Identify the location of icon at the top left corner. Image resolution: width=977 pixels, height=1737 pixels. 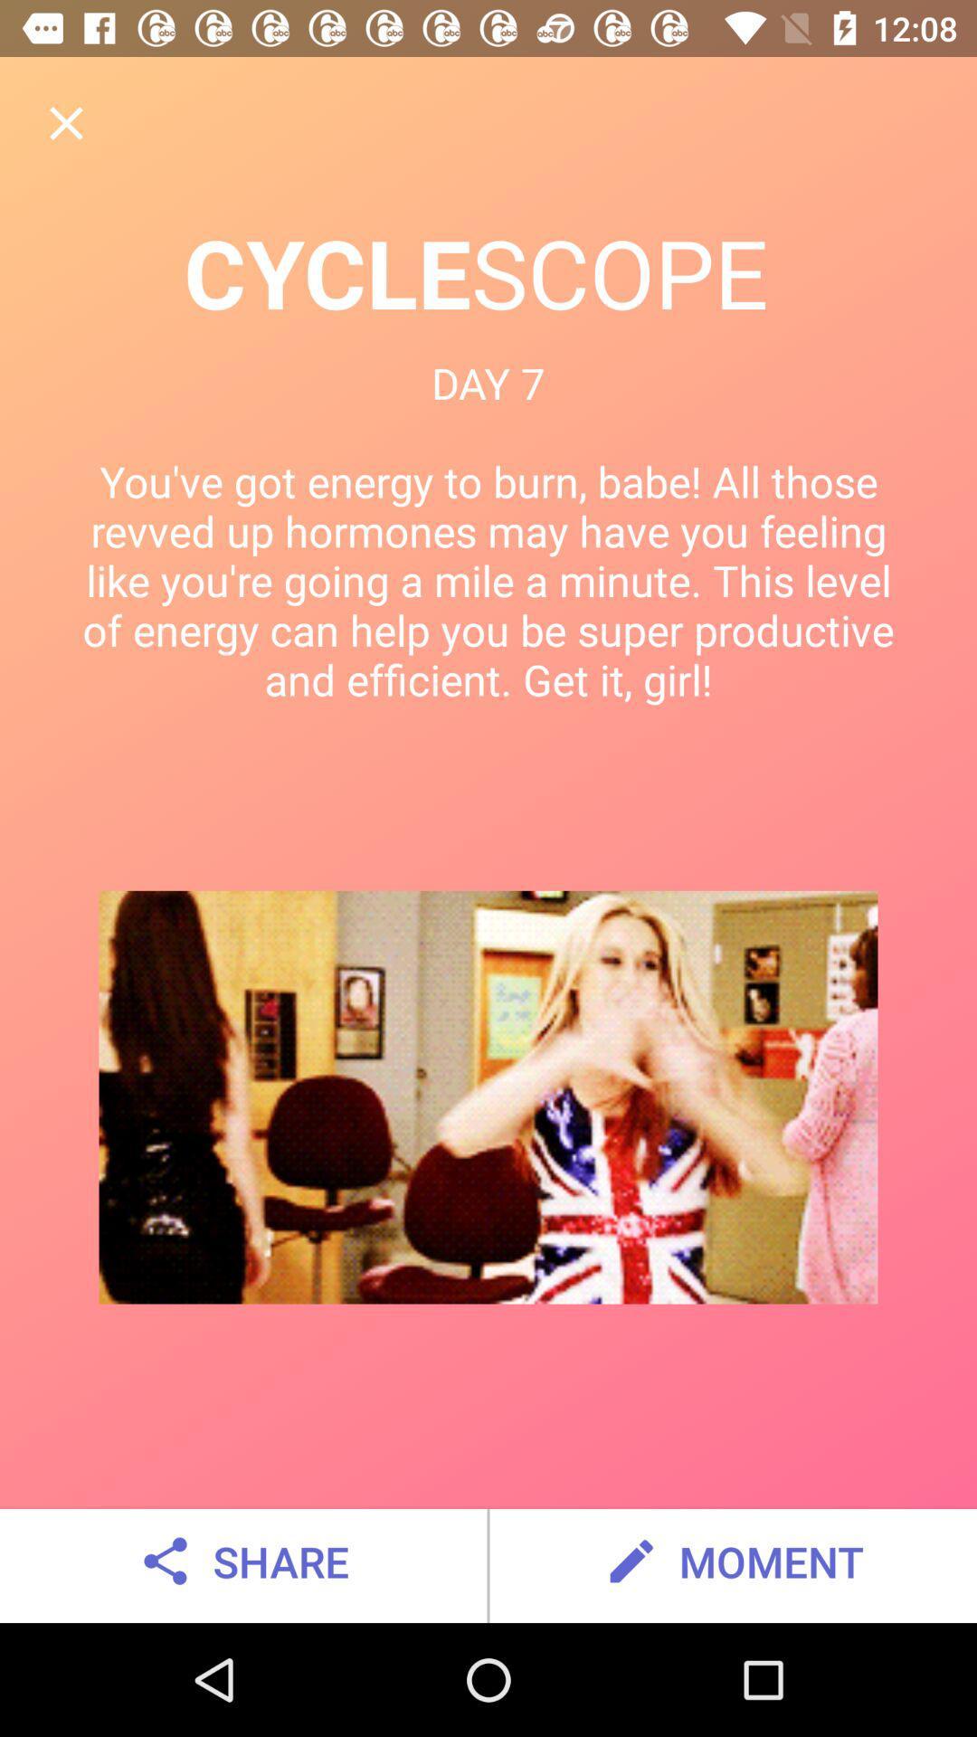
(65, 122).